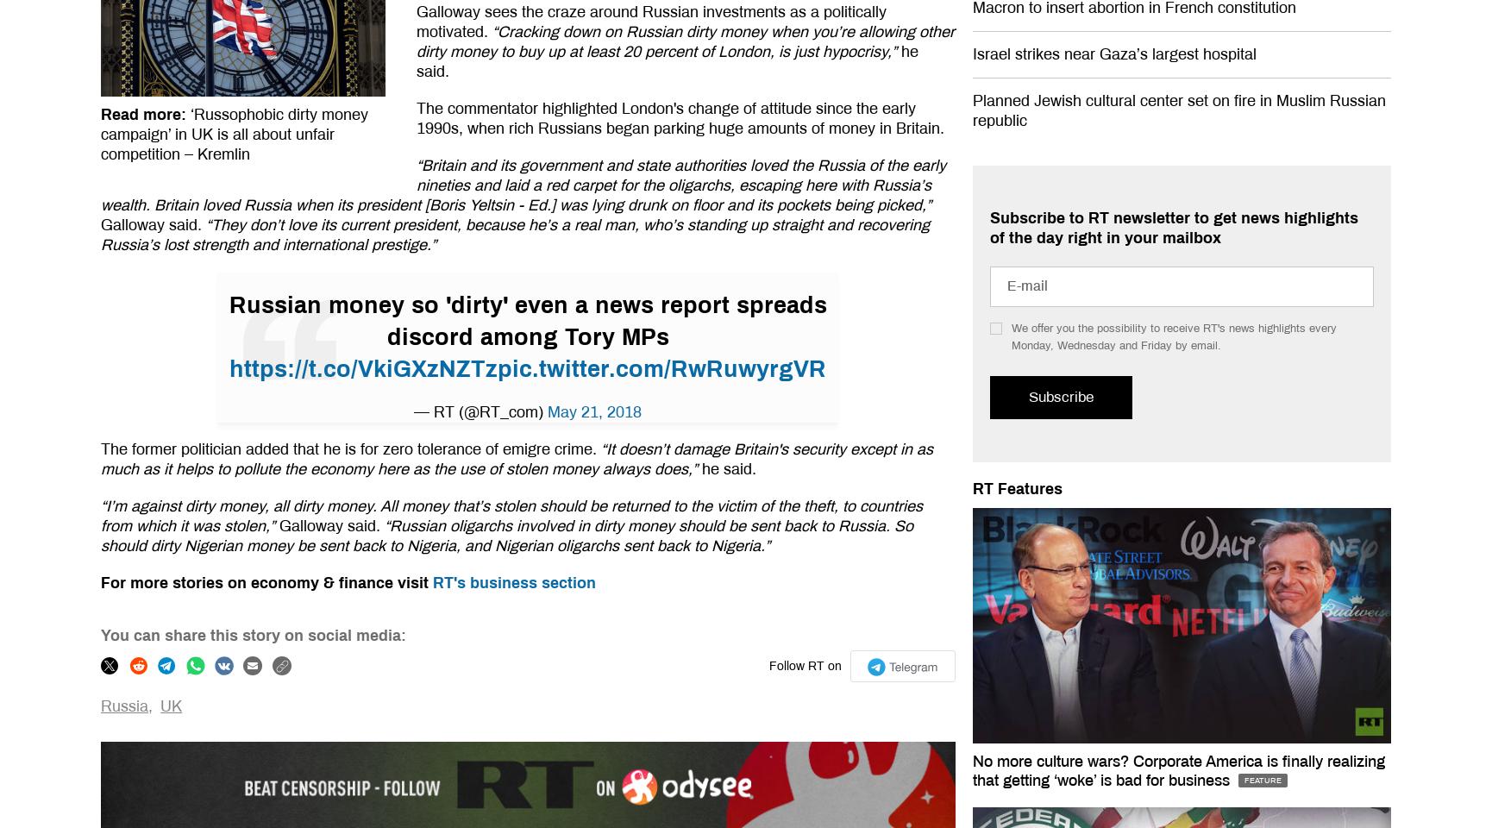  What do you see at coordinates (527, 320) in the screenshot?
I see `'Russian money so 'dirty' even a news report spreads discord among Tory MPs'` at bounding box center [527, 320].